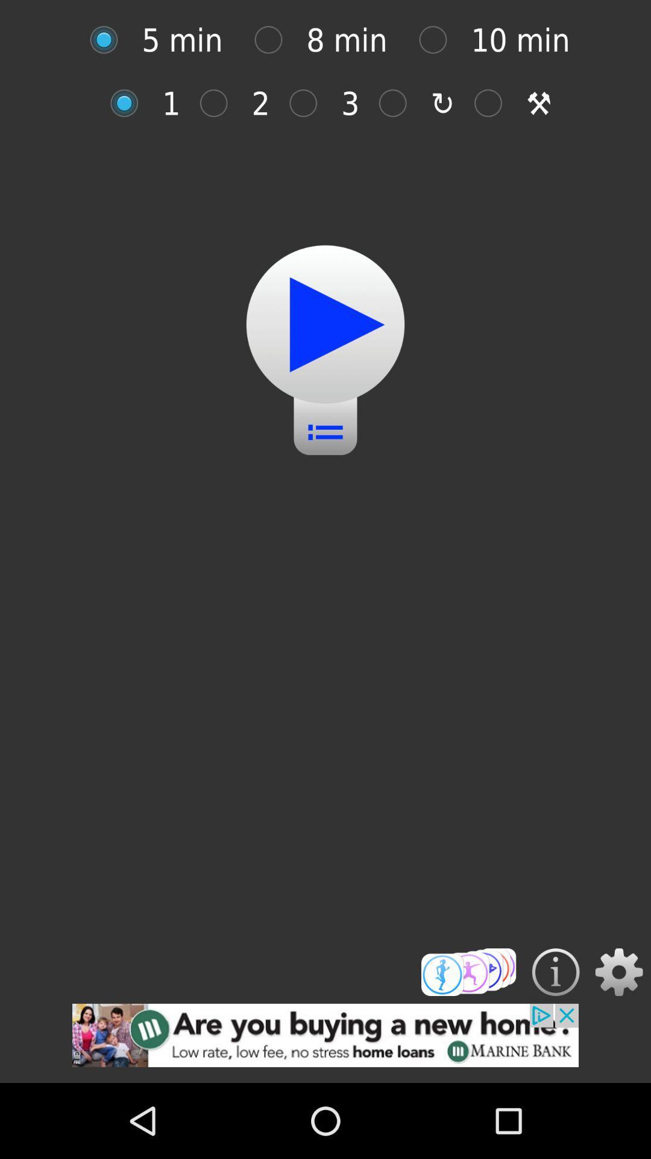 The height and width of the screenshot is (1159, 651). What do you see at coordinates (274, 40) in the screenshot?
I see `for 8 minutes` at bounding box center [274, 40].